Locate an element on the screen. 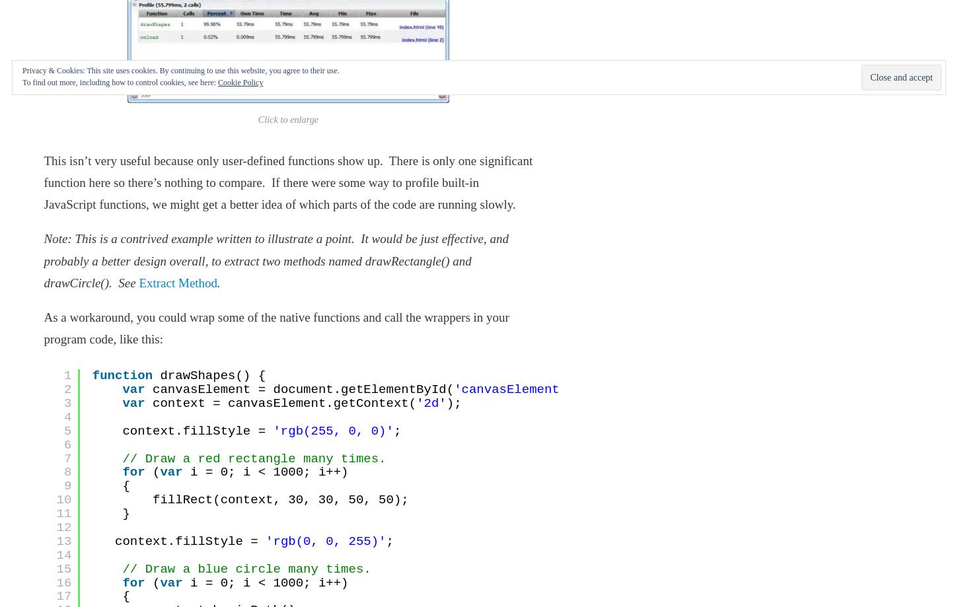  'To find out more, including how to control cookies, see here:' is located at coordinates (119, 81).